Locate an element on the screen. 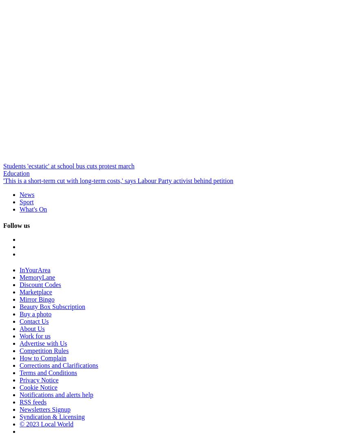  'Students 'ecstatic' at school bus cuts protest march' is located at coordinates (3, 166).